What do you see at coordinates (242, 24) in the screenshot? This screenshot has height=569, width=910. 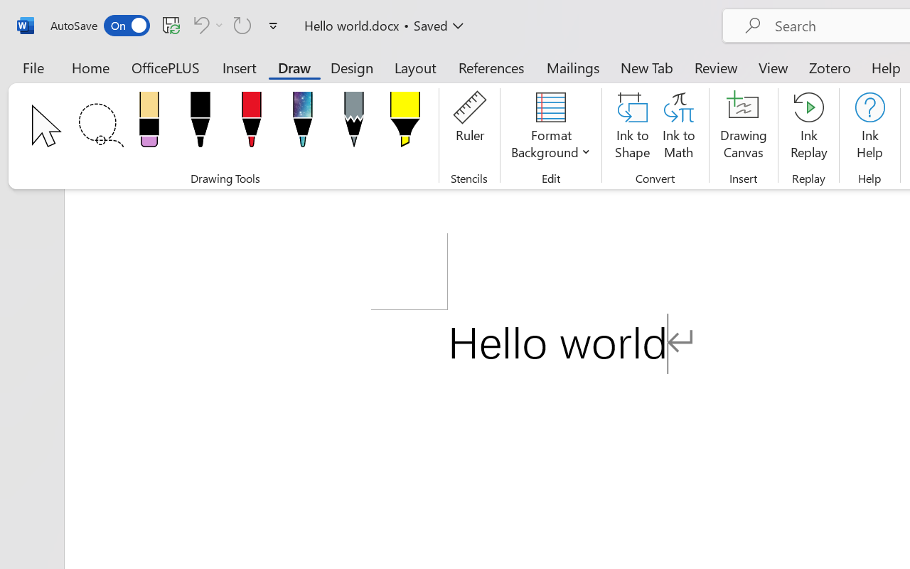 I see `'Can'` at bounding box center [242, 24].